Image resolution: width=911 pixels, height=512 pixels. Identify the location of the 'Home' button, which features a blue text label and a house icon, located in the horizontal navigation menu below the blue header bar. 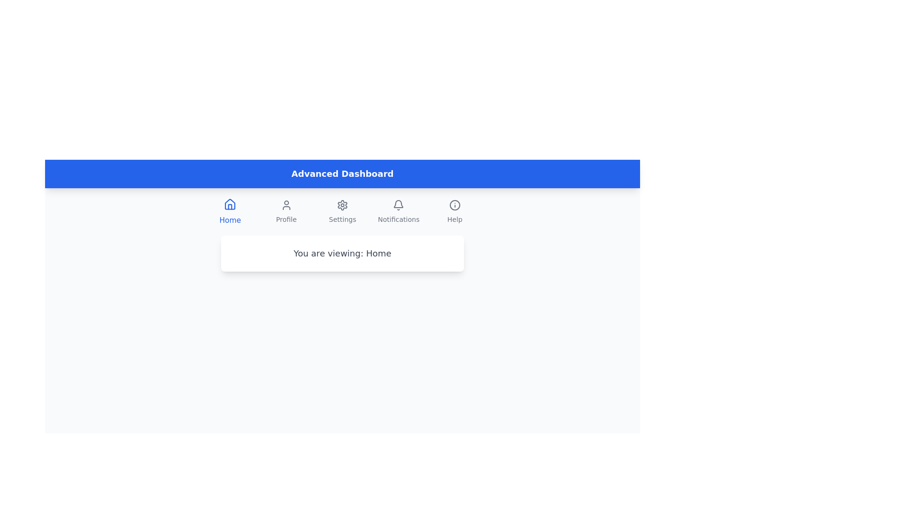
(230, 211).